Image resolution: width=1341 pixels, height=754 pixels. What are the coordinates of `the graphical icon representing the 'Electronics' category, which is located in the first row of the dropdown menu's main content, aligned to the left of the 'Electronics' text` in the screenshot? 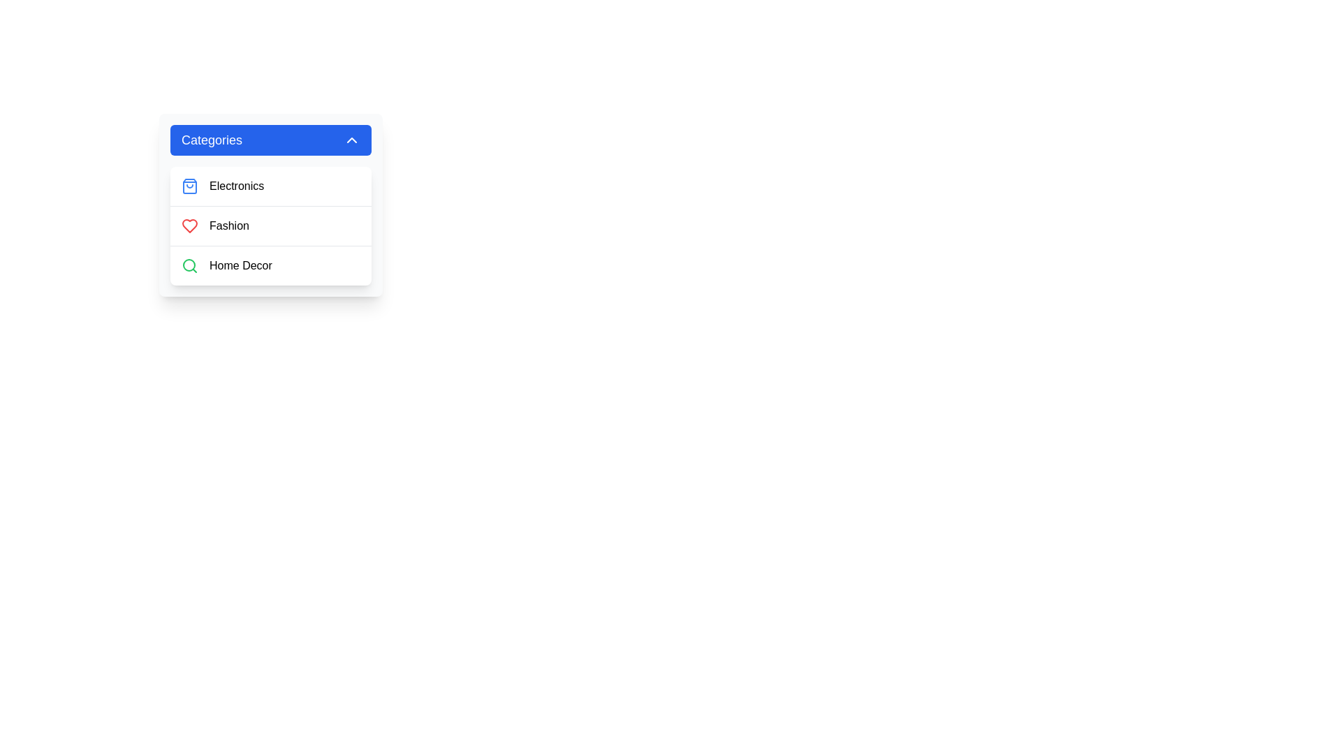 It's located at (189, 185).